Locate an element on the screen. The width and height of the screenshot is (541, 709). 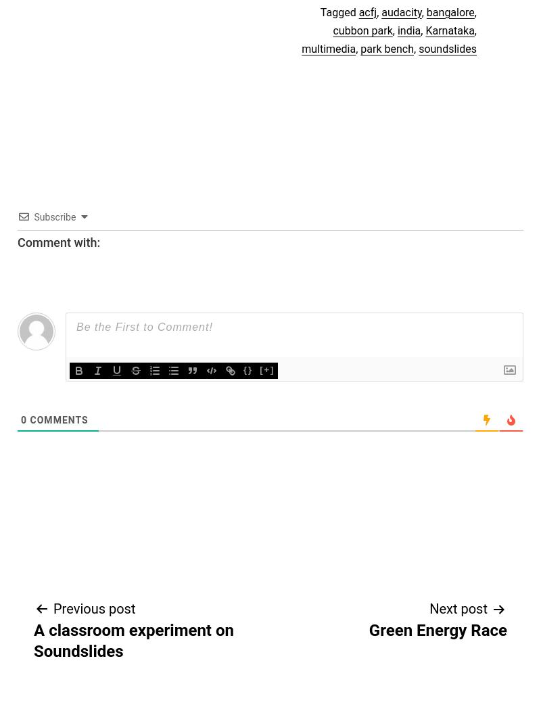
'[+]' is located at coordinates (259, 369).